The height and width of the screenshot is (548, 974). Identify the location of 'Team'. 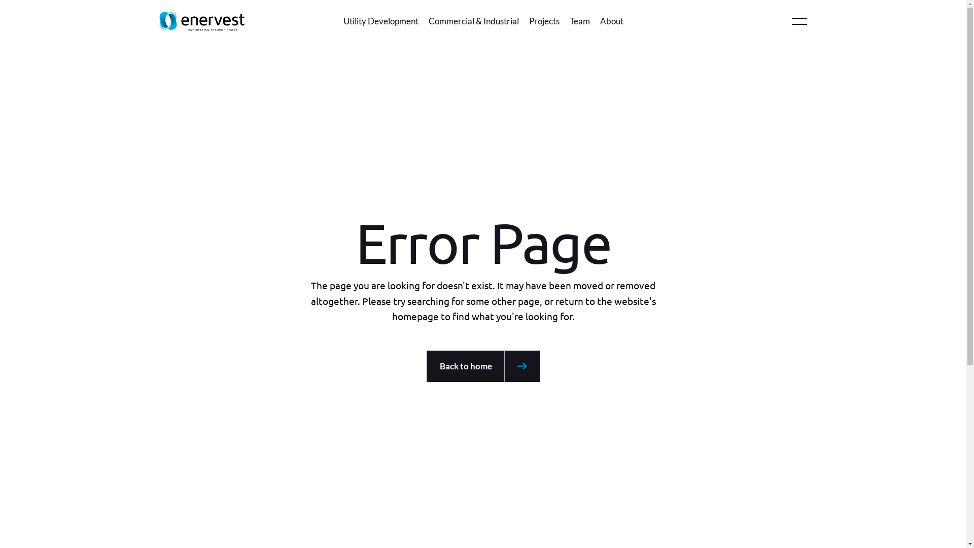
(579, 21).